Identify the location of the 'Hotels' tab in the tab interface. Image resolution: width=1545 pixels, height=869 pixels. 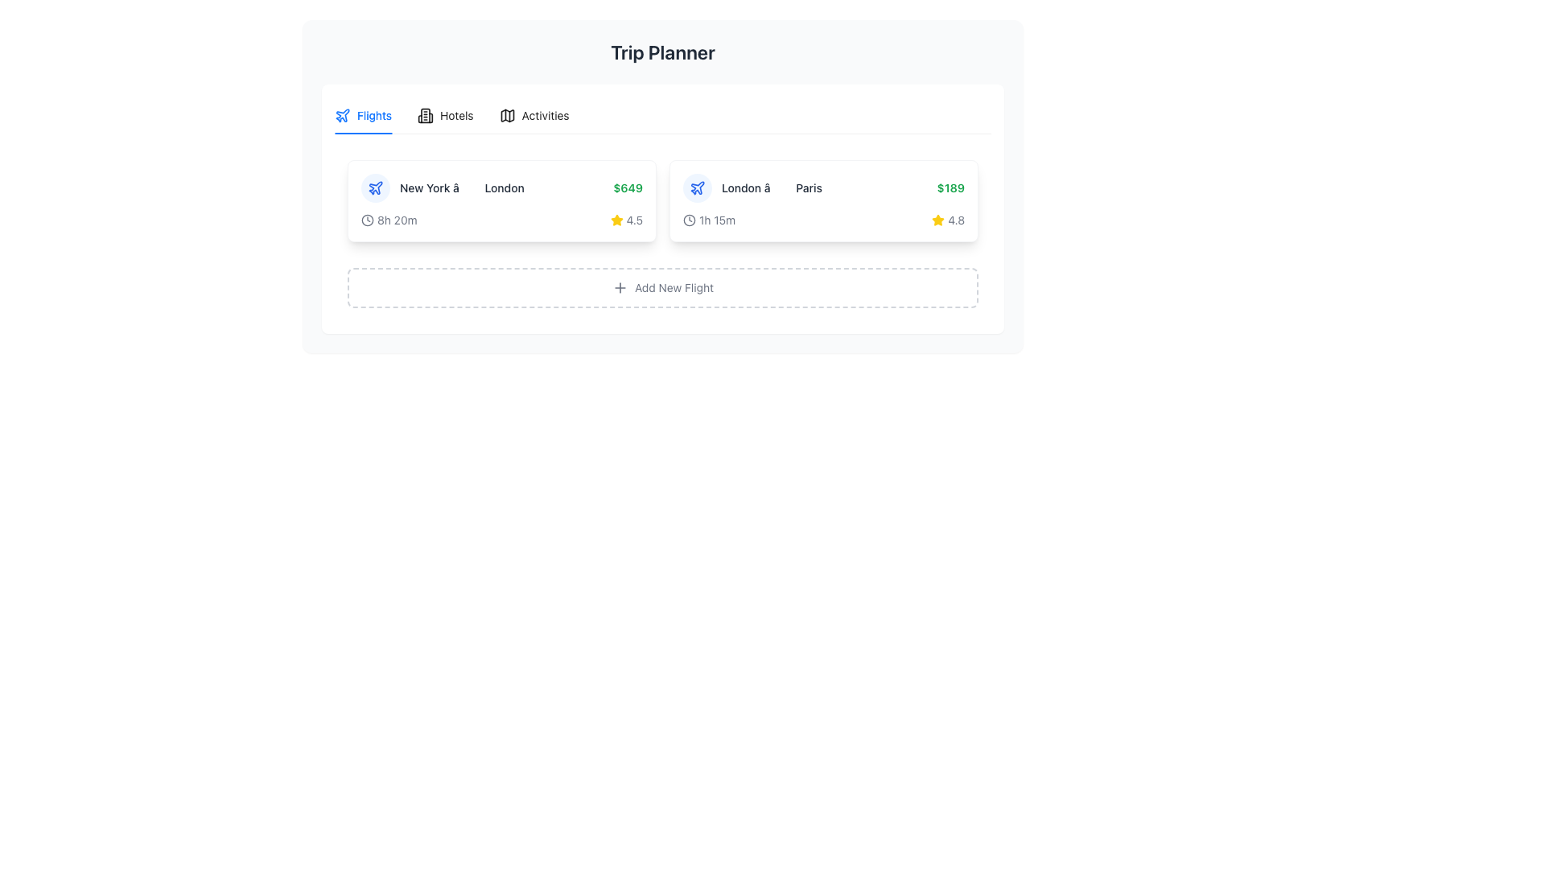
(451, 114).